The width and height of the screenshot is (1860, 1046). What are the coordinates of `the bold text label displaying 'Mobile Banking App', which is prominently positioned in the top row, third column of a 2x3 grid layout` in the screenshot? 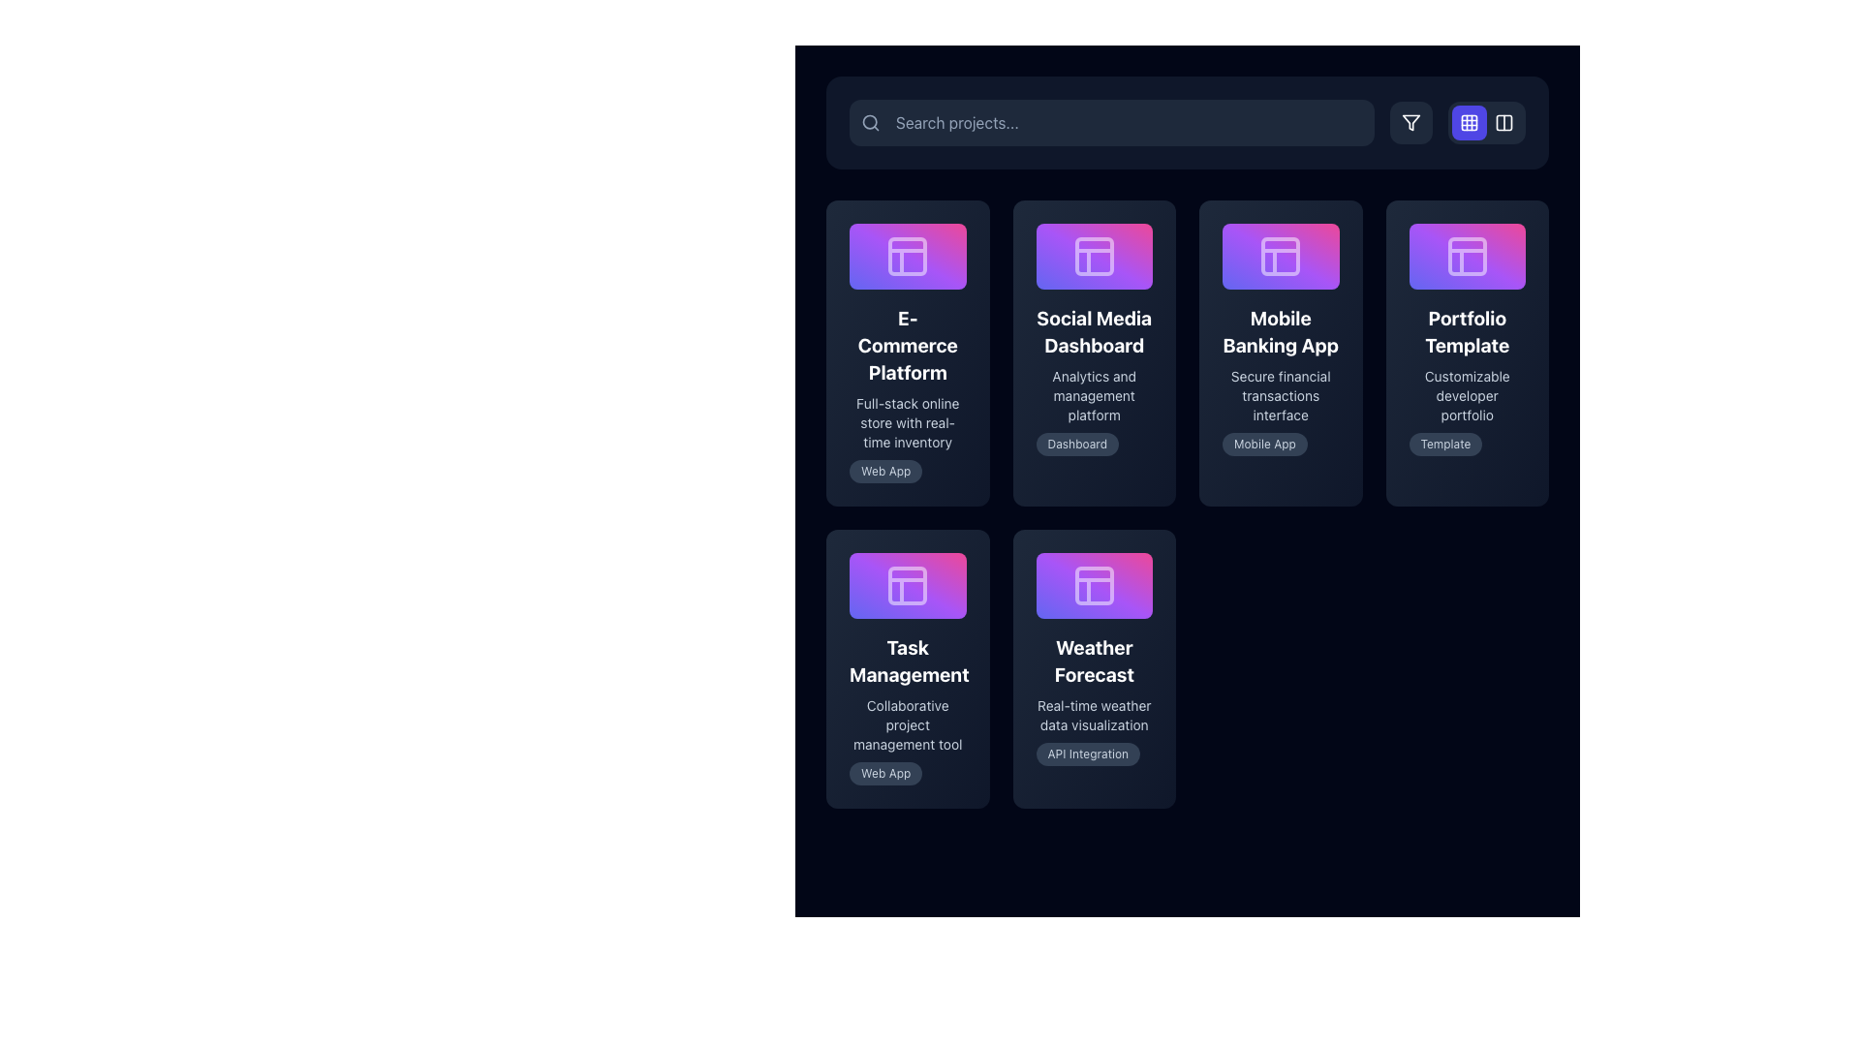 It's located at (1281, 330).